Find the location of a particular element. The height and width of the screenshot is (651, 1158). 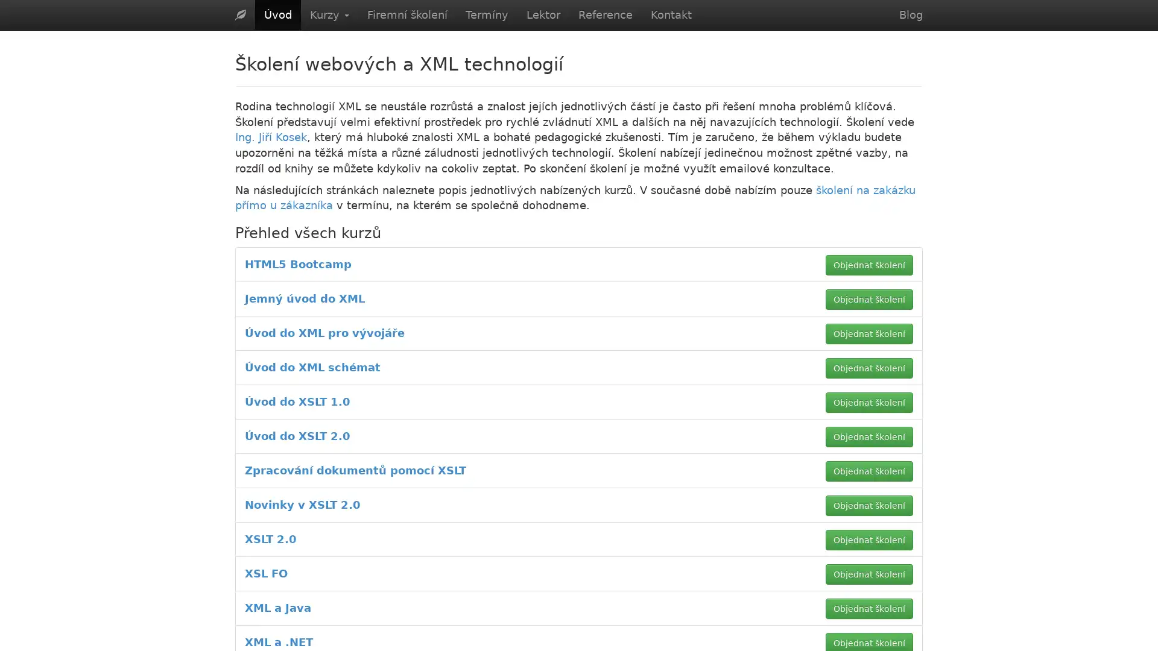

Objednat skoleni is located at coordinates (869, 539).